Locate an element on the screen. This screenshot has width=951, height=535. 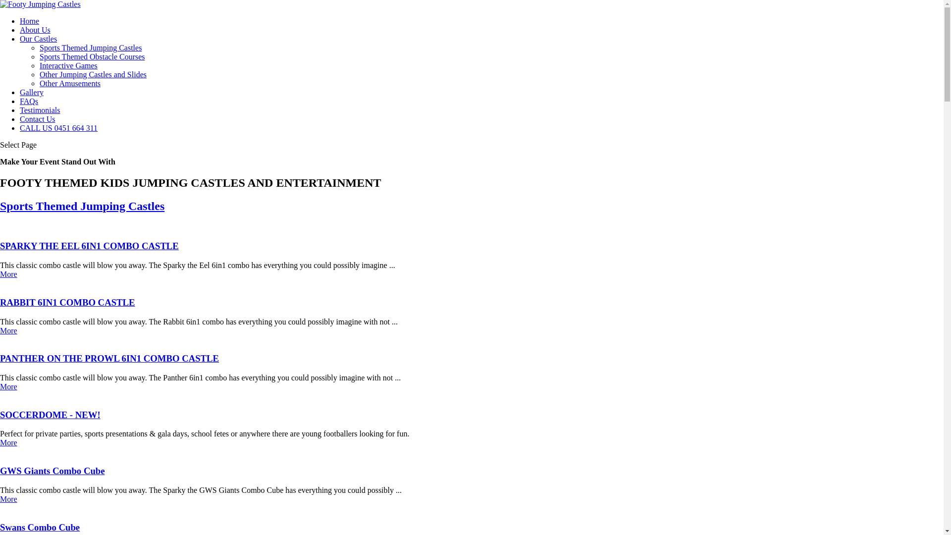
'More' is located at coordinates (8, 499).